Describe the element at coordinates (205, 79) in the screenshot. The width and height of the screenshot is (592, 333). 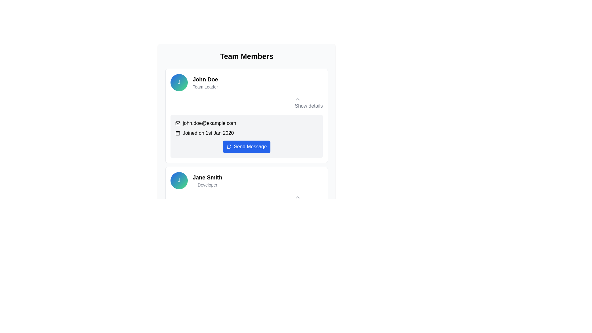
I see `the text label displaying 'John Doe' in bold black font, which is located at the upper-left section of a card layout` at that location.